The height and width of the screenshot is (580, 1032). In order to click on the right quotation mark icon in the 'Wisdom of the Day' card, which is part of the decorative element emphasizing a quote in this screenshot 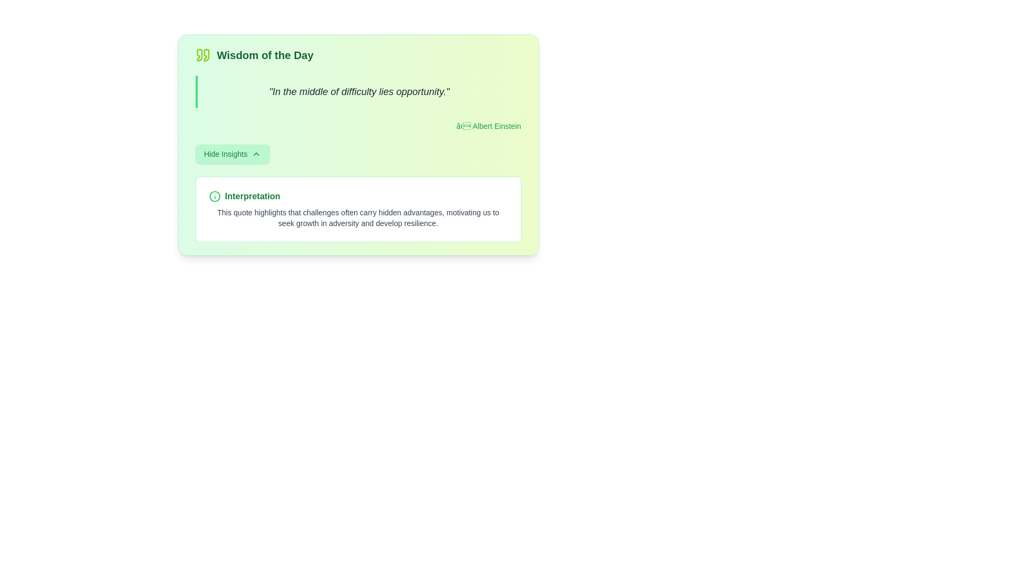, I will do `click(206, 55)`.